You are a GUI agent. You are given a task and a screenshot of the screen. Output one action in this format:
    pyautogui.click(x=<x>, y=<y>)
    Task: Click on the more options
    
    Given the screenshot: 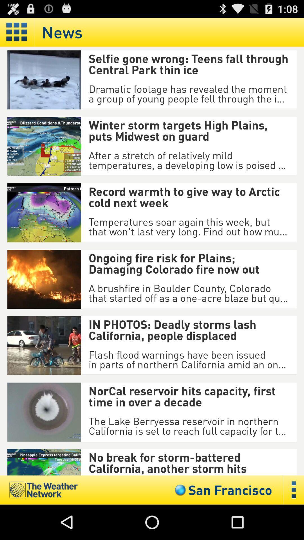 What is the action you would take?
    pyautogui.click(x=294, y=490)
    